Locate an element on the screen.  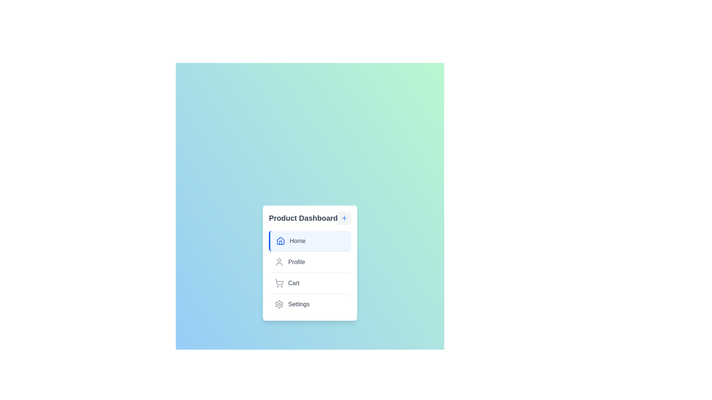
the menu item labeled Settings is located at coordinates (310, 304).